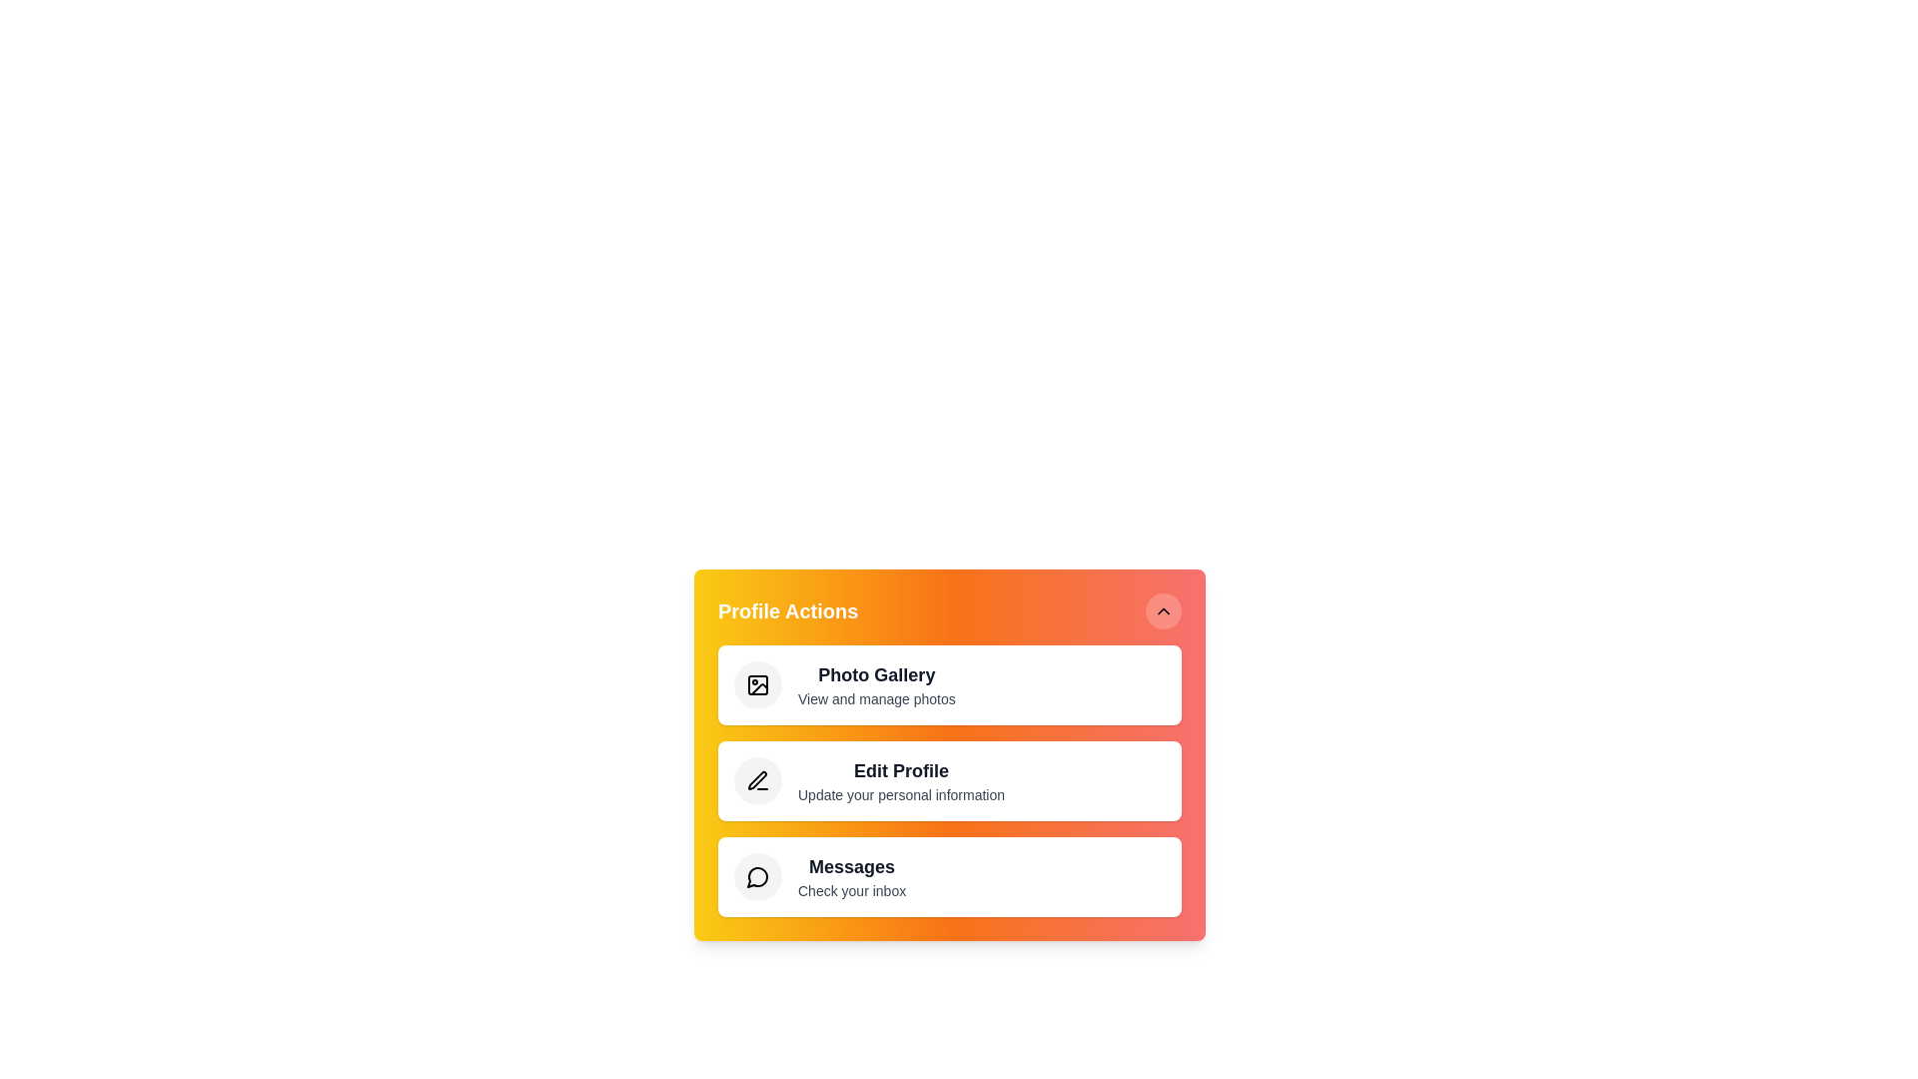 The width and height of the screenshot is (1918, 1079). What do you see at coordinates (948, 780) in the screenshot?
I see `the 'Edit Profile' action in the ProfileActionMenu component` at bounding box center [948, 780].